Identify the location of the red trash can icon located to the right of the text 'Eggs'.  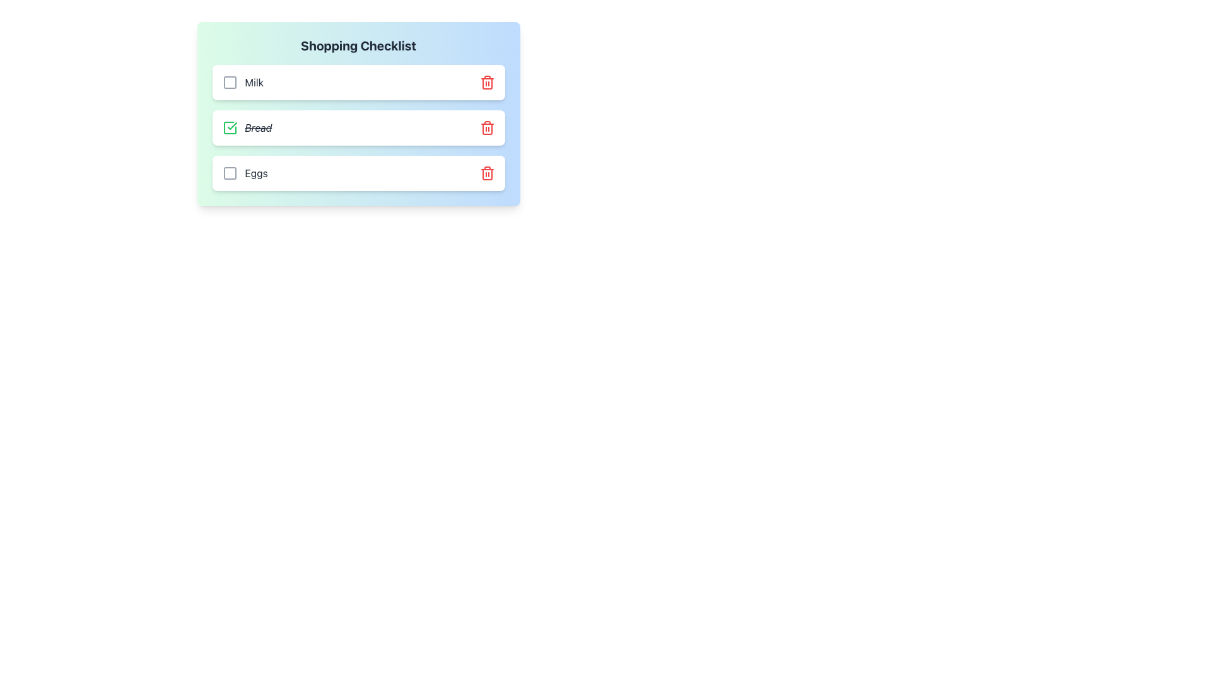
(486, 173).